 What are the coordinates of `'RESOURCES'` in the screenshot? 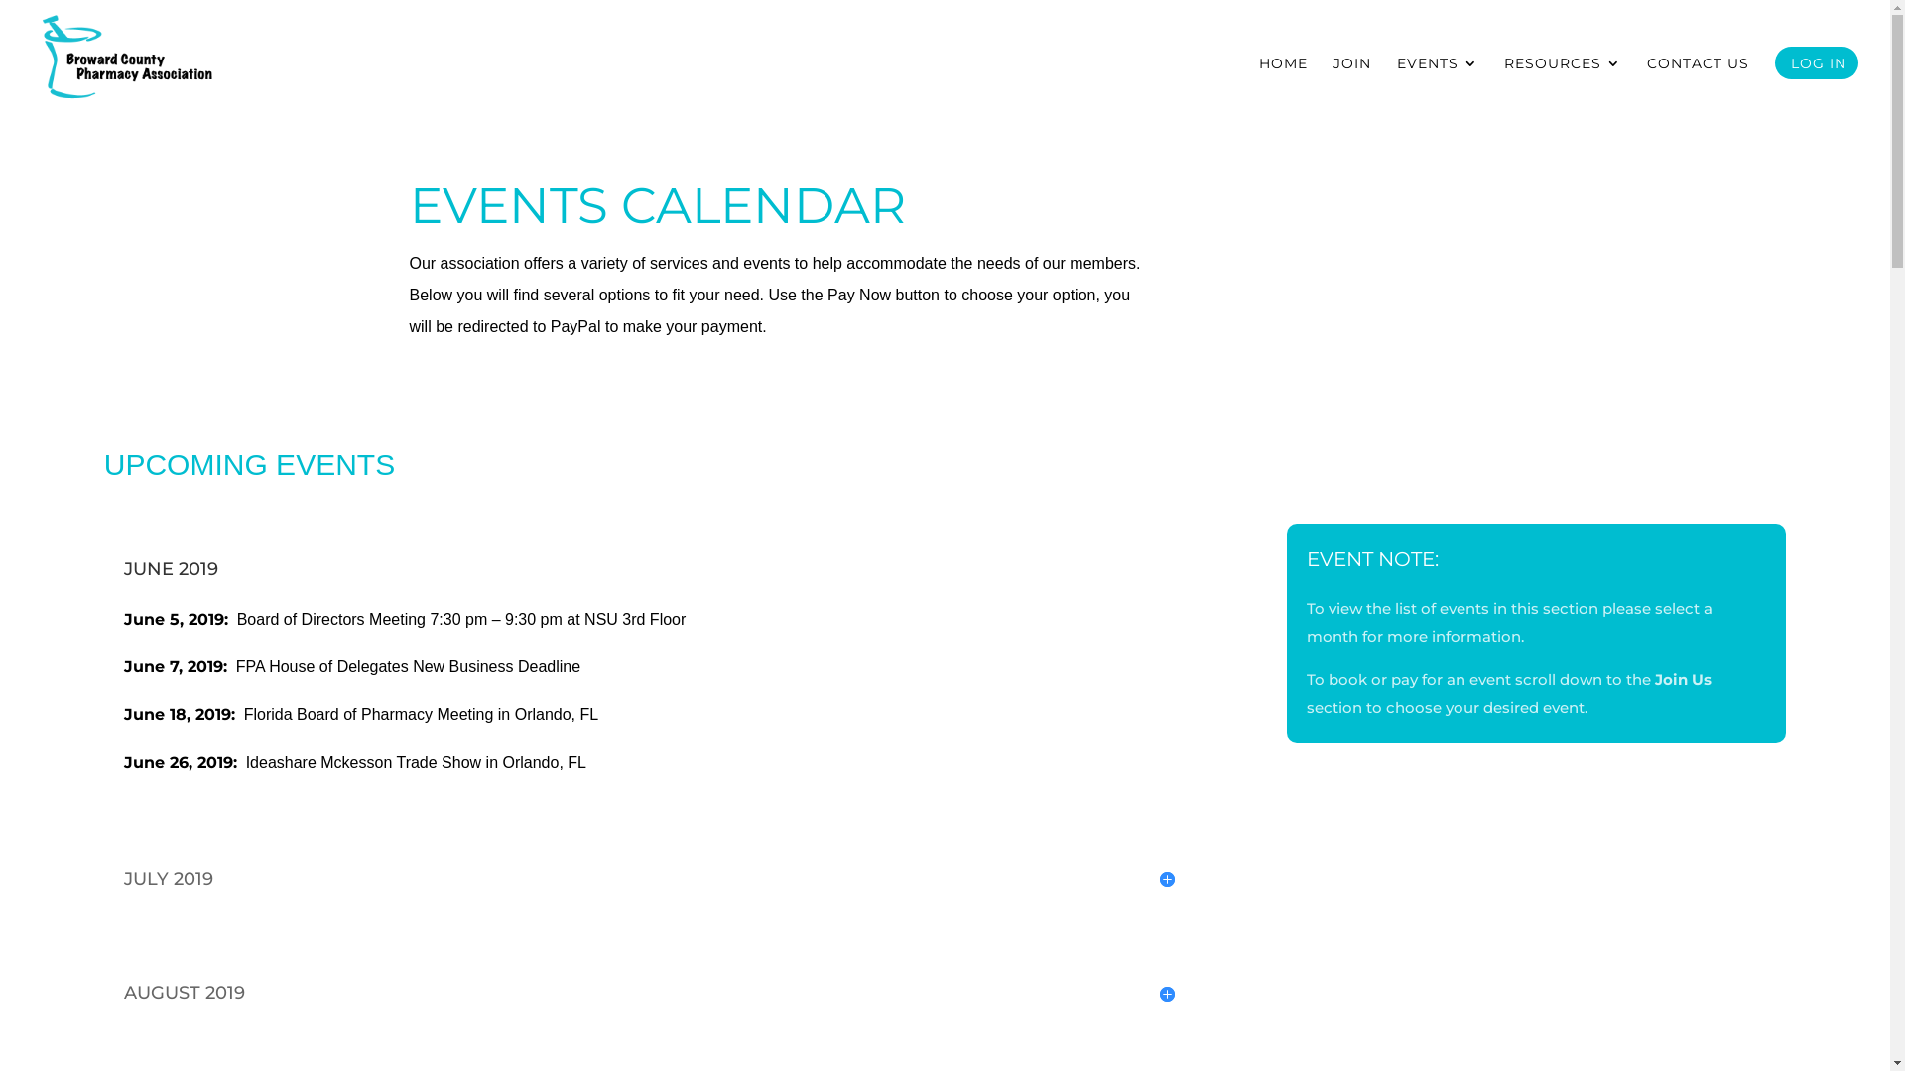 It's located at (1561, 85).